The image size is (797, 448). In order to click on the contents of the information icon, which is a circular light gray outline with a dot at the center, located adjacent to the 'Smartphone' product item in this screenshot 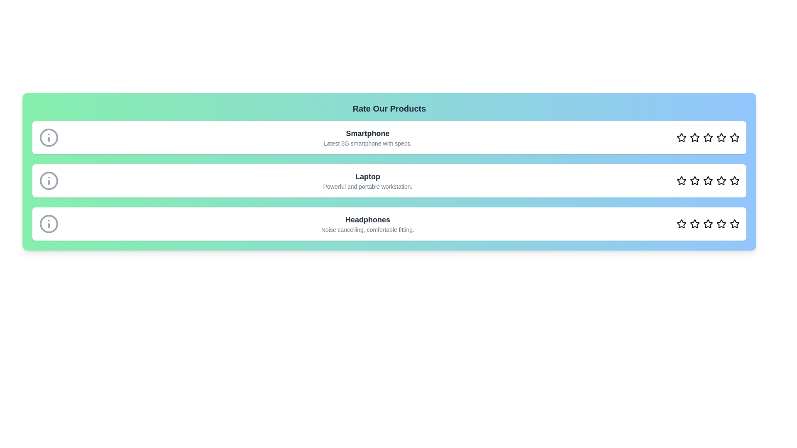, I will do `click(49, 137)`.